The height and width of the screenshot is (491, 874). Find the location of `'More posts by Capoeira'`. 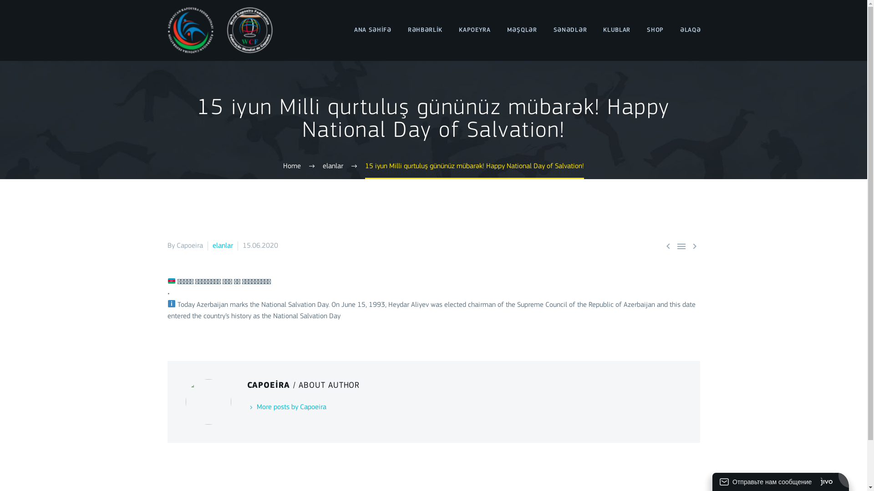

'More posts by Capoeira' is located at coordinates (285, 406).